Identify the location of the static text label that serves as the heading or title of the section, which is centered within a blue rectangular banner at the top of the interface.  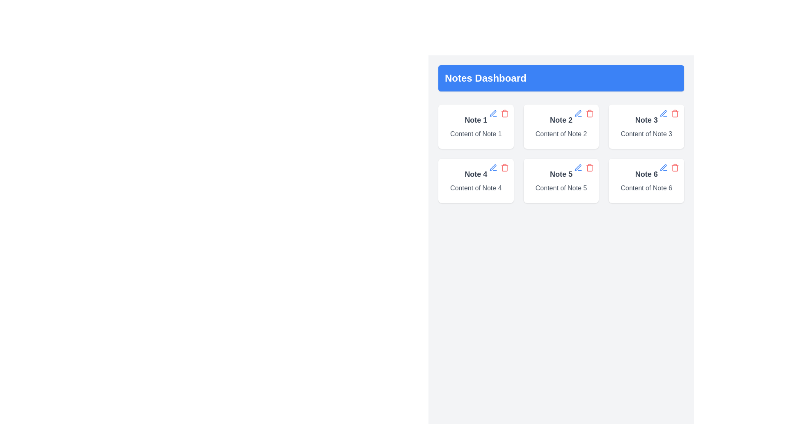
(486, 78).